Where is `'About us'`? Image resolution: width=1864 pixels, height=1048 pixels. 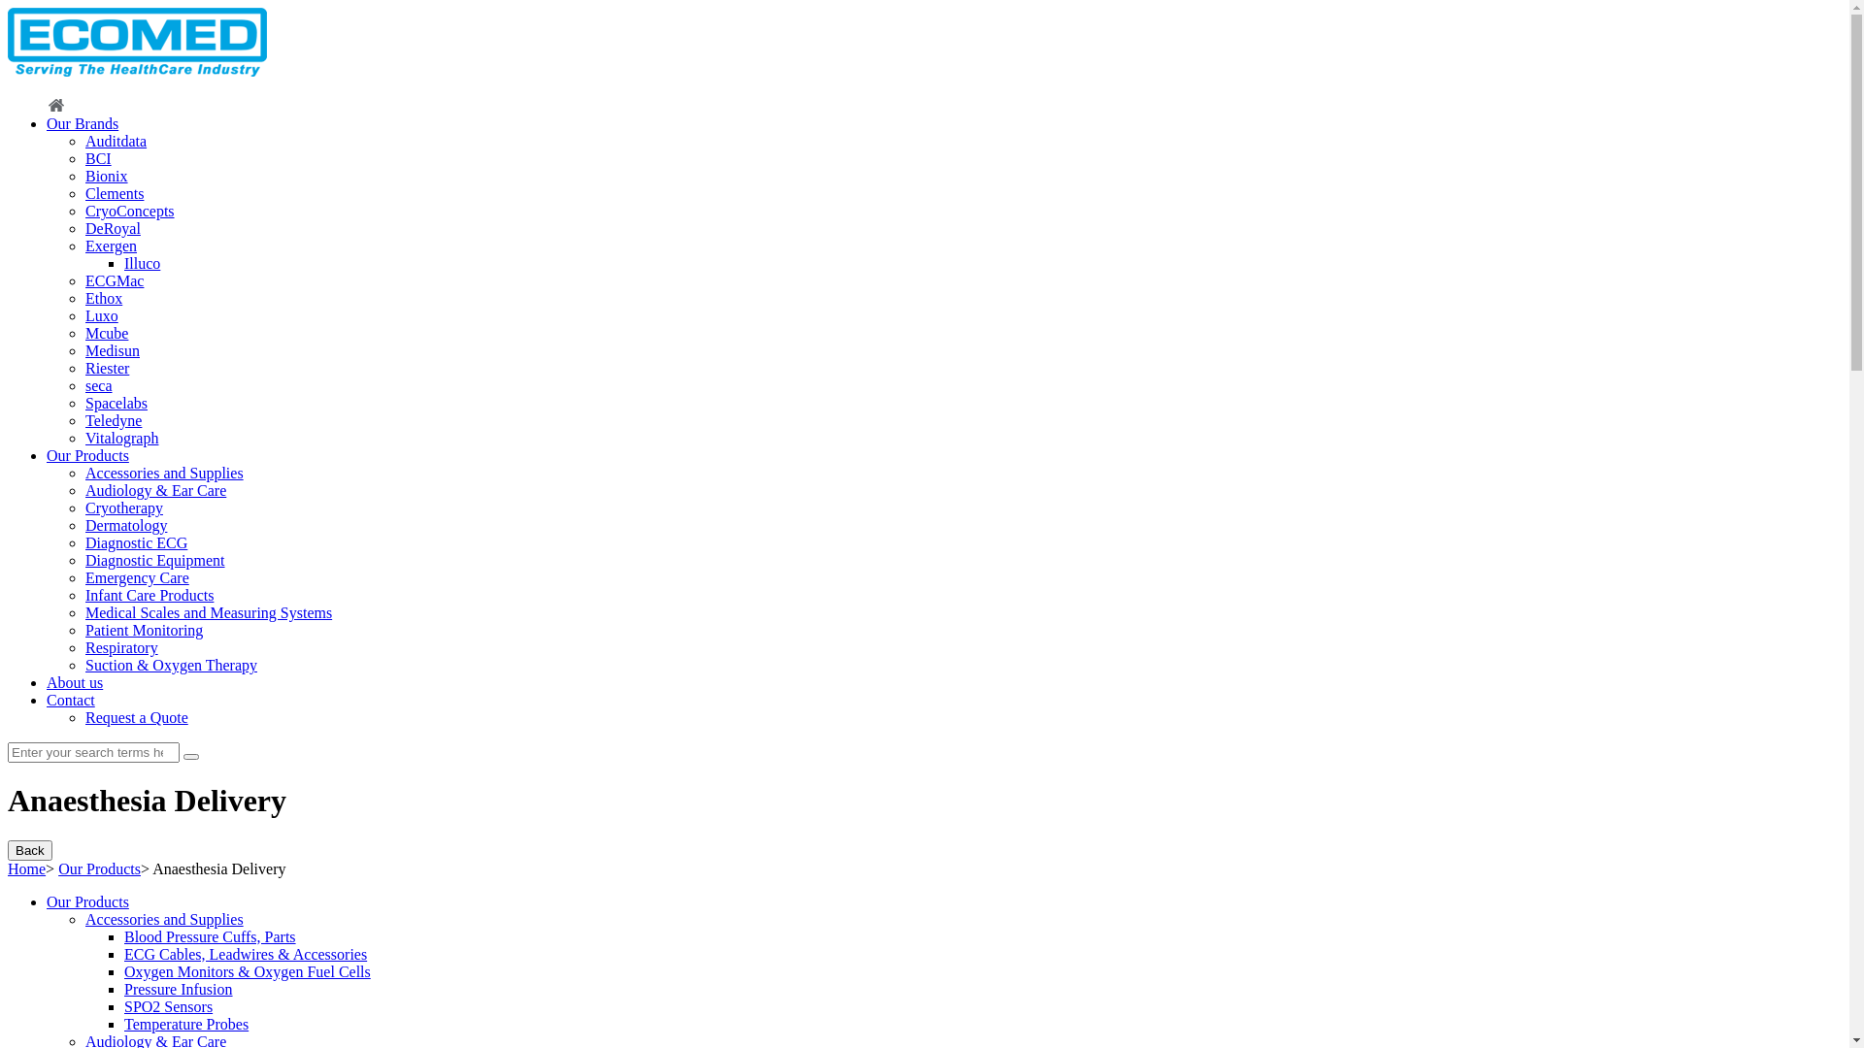
'About us' is located at coordinates (74, 681).